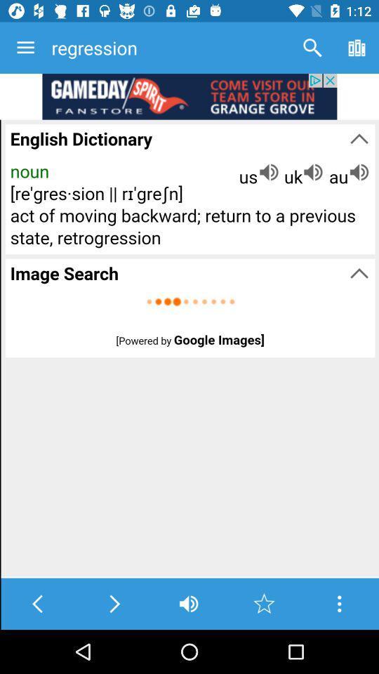 The image size is (379, 674). What do you see at coordinates (38, 603) in the screenshot?
I see `go back` at bounding box center [38, 603].